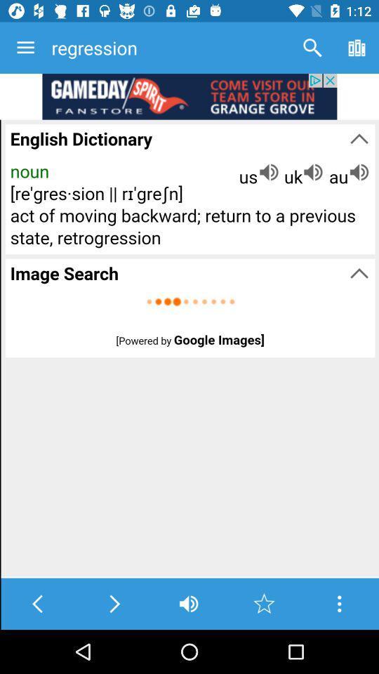 The image size is (379, 674). What do you see at coordinates (38, 603) in the screenshot?
I see `go back` at bounding box center [38, 603].